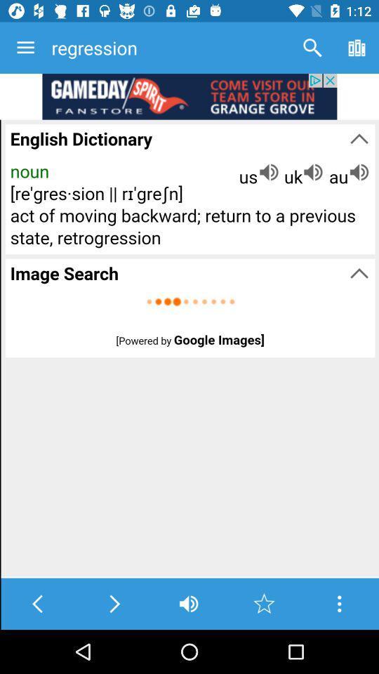 The image size is (379, 674). What do you see at coordinates (38, 603) in the screenshot?
I see `go back` at bounding box center [38, 603].